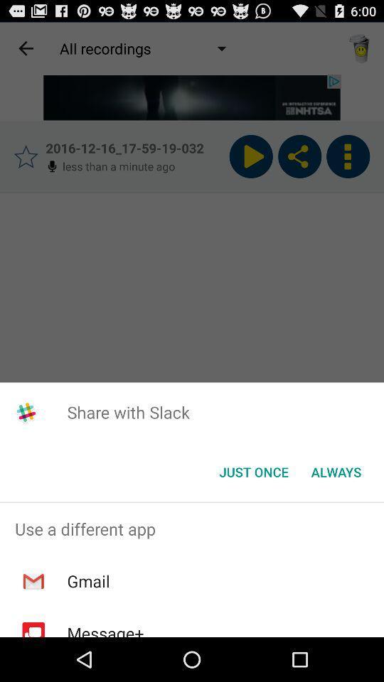 Image resolution: width=384 pixels, height=682 pixels. I want to click on the use a different icon, so click(192, 528).